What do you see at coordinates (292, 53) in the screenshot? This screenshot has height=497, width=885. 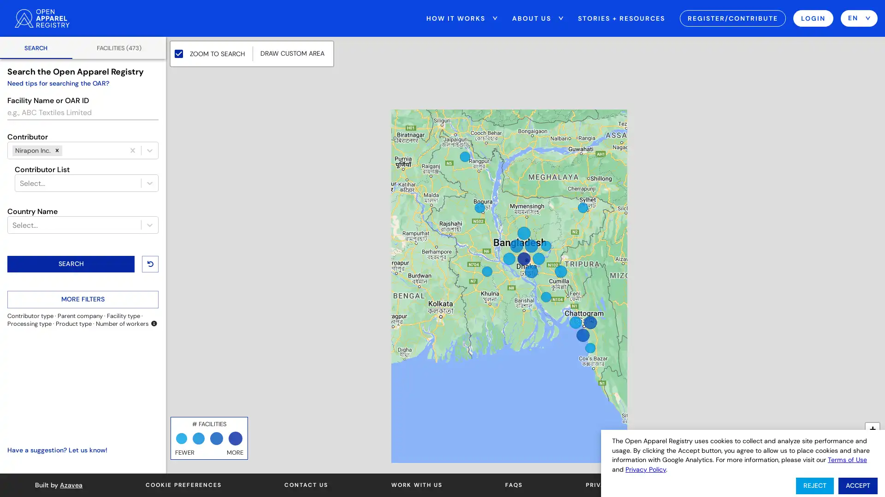 I see `DRAW CUSTOM AREA` at bounding box center [292, 53].